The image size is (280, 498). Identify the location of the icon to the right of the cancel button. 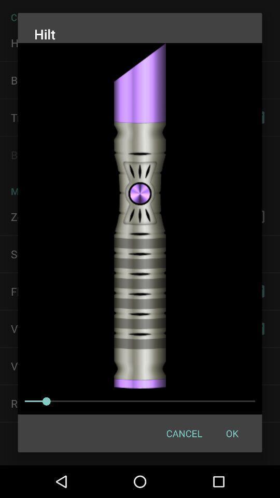
(232, 433).